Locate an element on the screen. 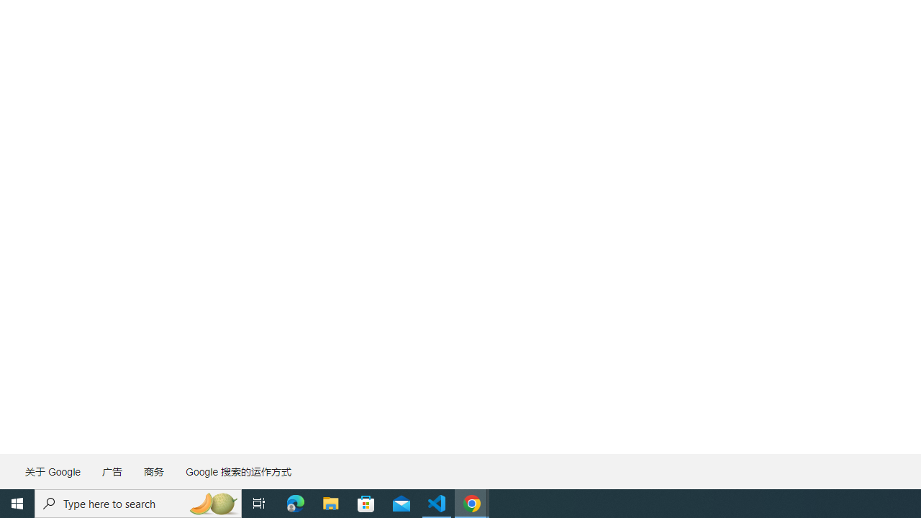 The height and width of the screenshot is (518, 921). 'File Explorer' is located at coordinates (330, 502).